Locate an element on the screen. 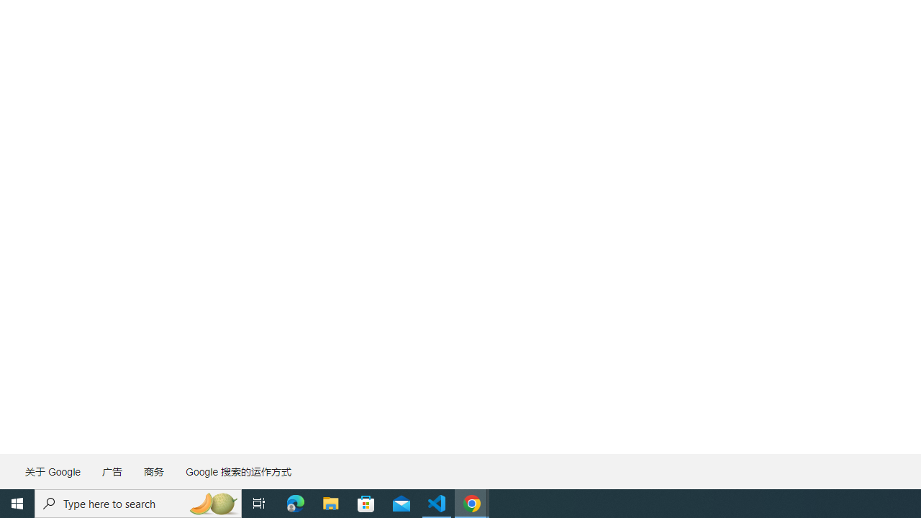 The height and width of the screenshot is (518, 921). 'File Explorer' is located at coordinates (330, 502).